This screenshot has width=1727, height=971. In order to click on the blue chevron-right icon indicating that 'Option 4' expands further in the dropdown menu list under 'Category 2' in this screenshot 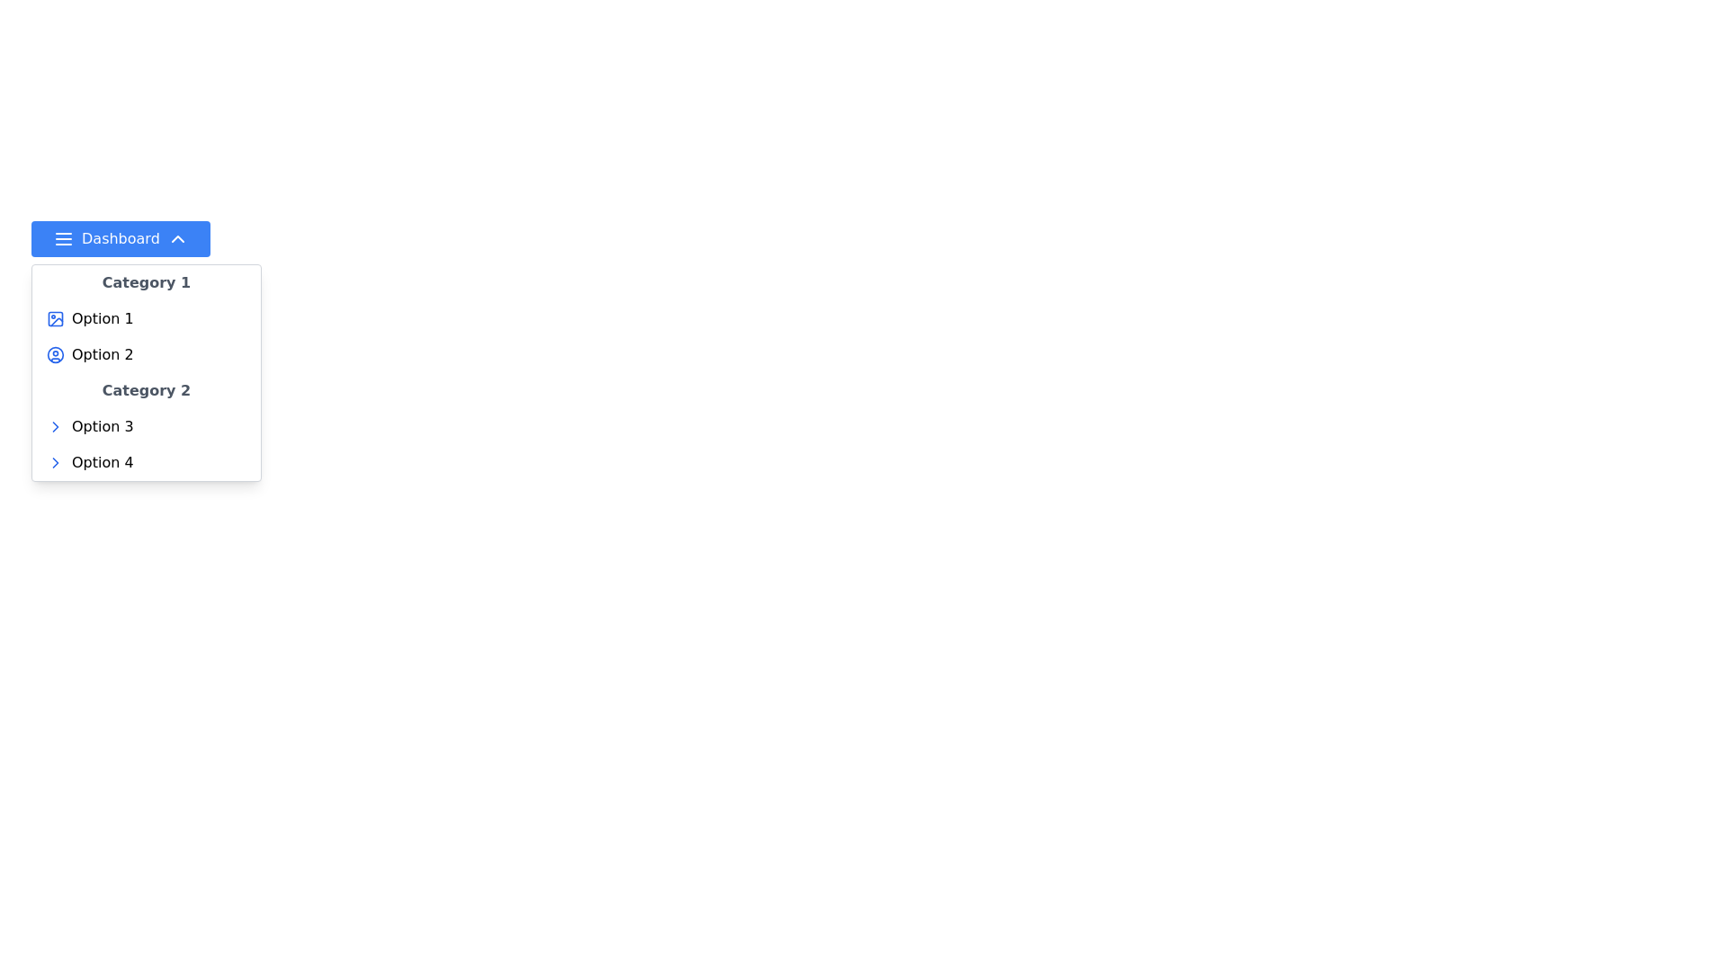, I will do `click(56, 462)`.